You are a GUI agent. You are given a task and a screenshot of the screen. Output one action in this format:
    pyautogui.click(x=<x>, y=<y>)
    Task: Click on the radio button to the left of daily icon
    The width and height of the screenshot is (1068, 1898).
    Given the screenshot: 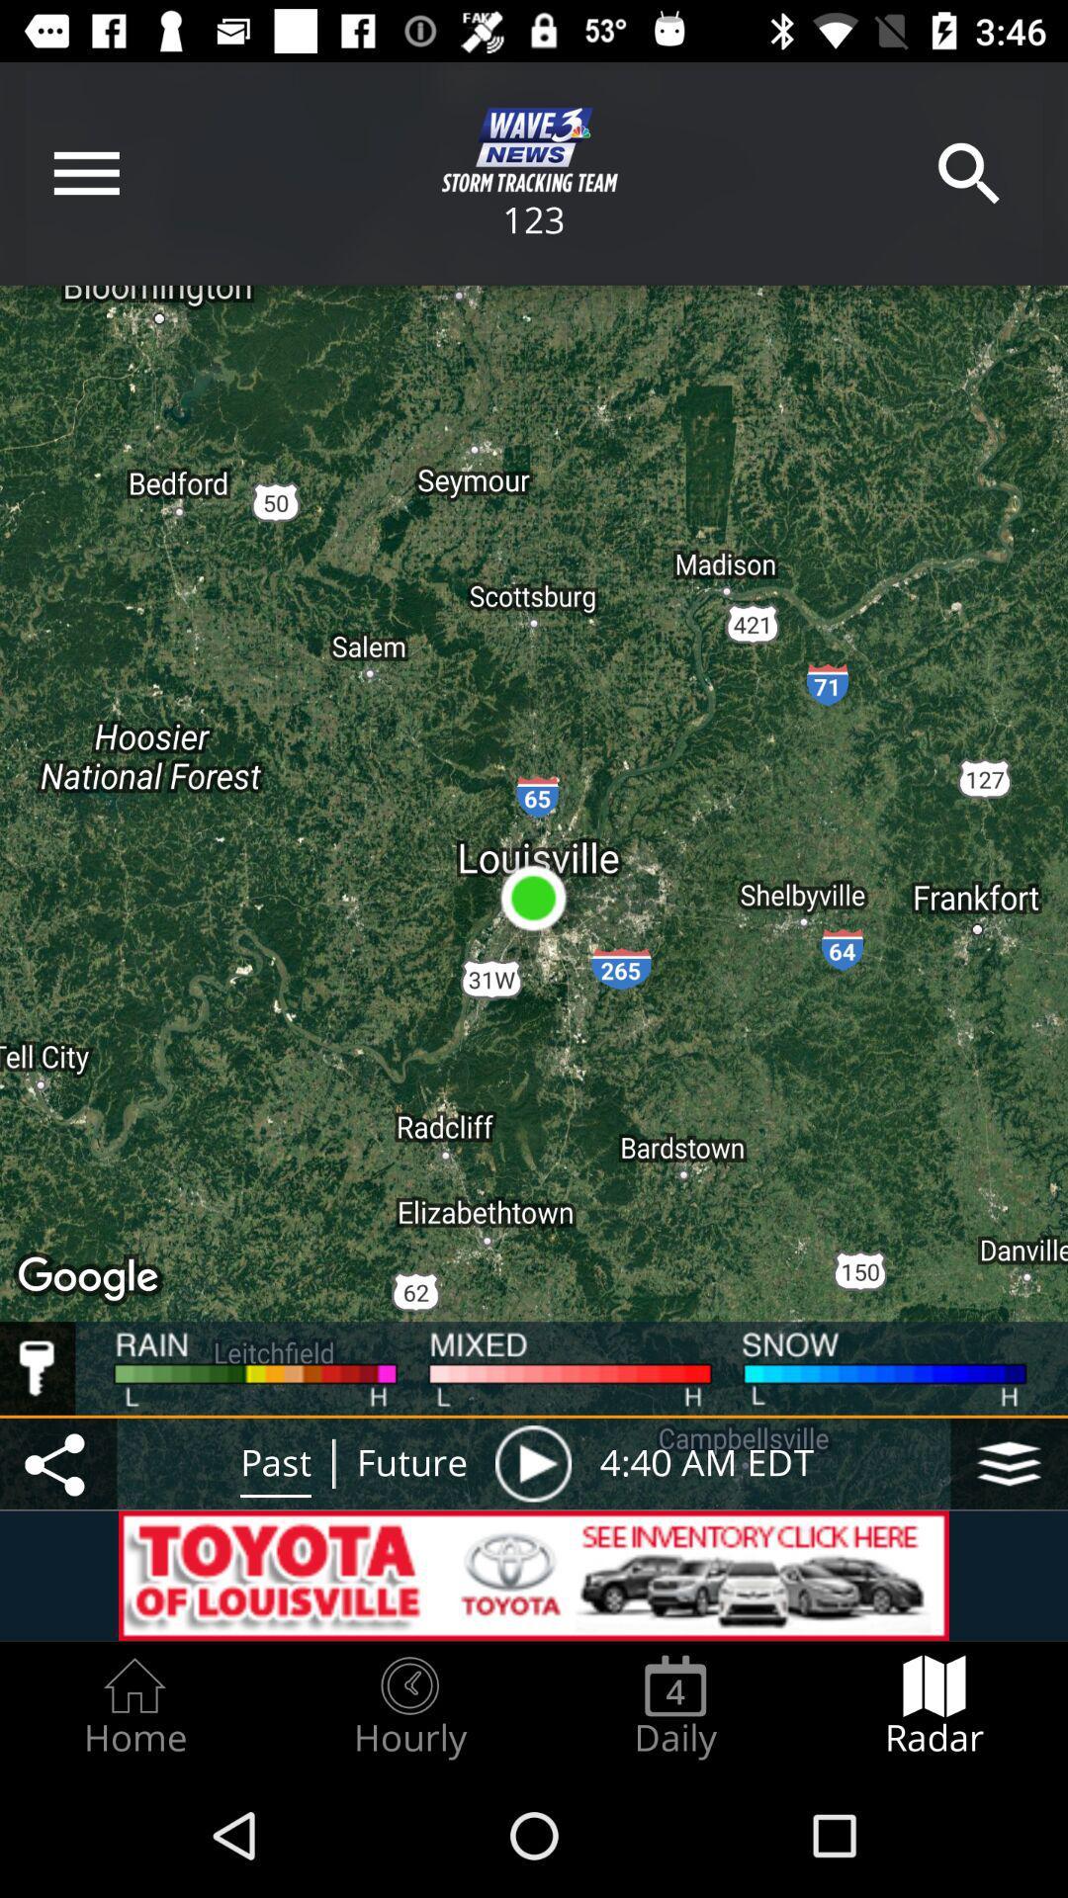 What is the action you would take?
    pyautogui.click(x=408, y=1706)
    